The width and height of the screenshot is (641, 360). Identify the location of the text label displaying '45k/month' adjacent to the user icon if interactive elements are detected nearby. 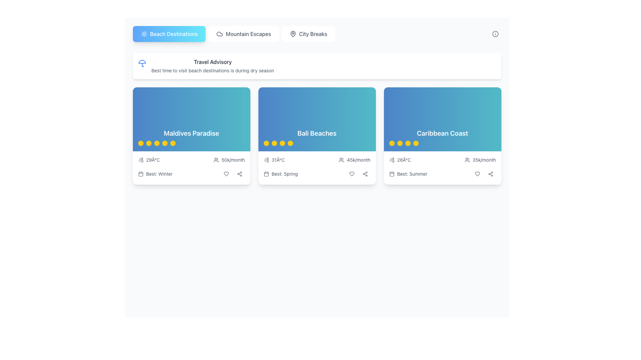
(354, 160).